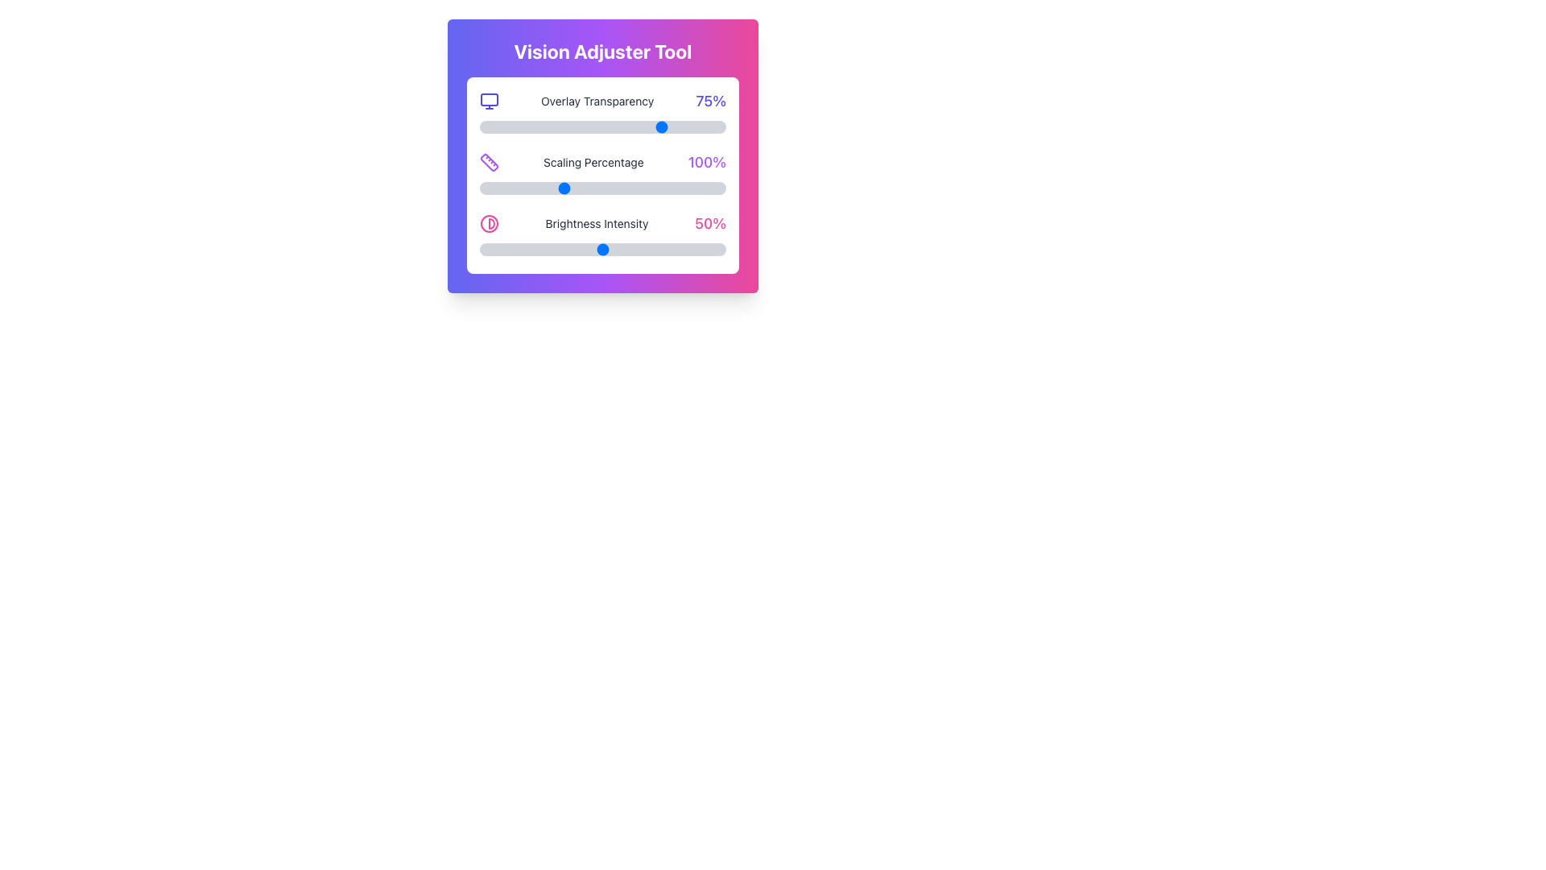 The width and height of the screenshot is (1546, 870). Describe the element at coordinates (624, 126) in the screenshot. I see `the Overlay Transparency slider` at that location.